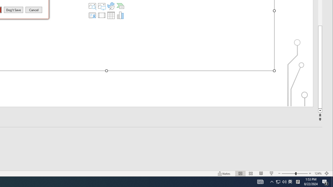 The height and width of the screenshot is (187, 333). Describe the element at coordinates (92, 6) in the screenshot. I see `'Stock Images'` at that location.